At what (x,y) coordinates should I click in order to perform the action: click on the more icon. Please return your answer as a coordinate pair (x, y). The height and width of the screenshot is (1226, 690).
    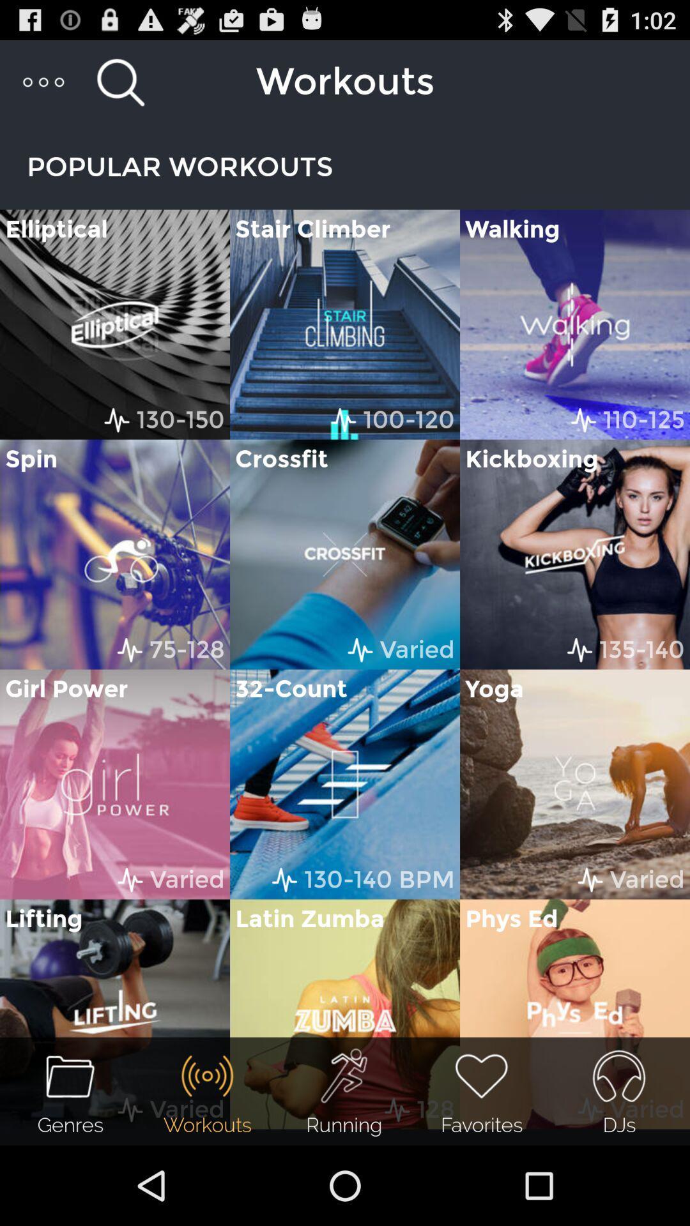
    Looking at the image, I should click on (43, 87).